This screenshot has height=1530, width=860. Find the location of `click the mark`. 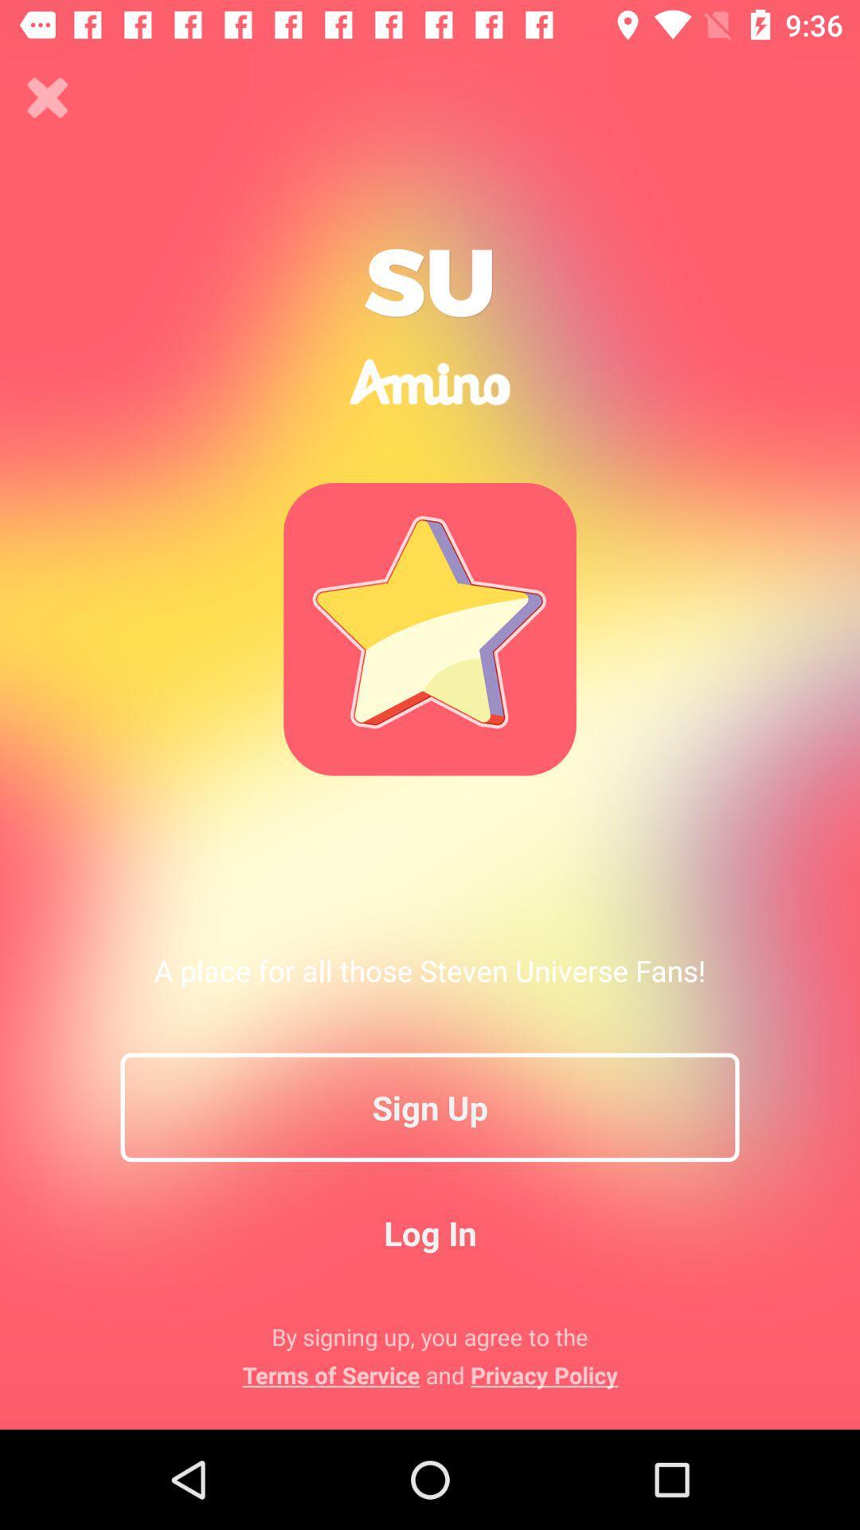

click the mark is located at coordinates (47, 97).